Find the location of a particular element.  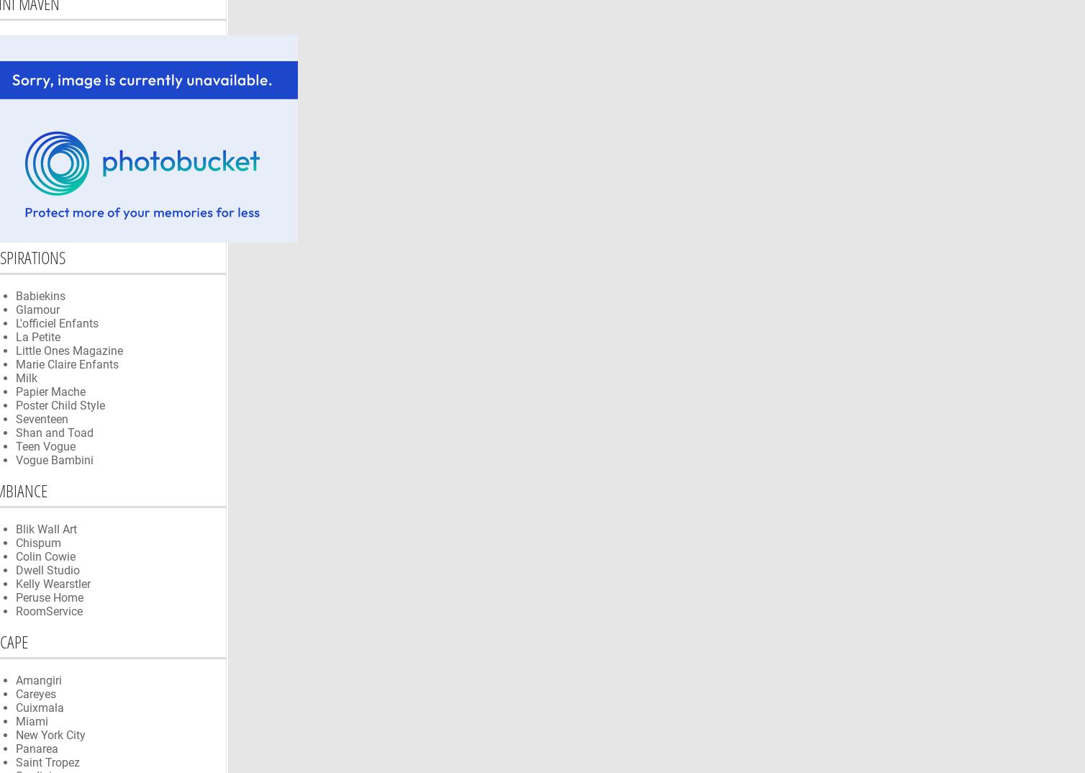

'New York City' is located at coordinates (50, 733).